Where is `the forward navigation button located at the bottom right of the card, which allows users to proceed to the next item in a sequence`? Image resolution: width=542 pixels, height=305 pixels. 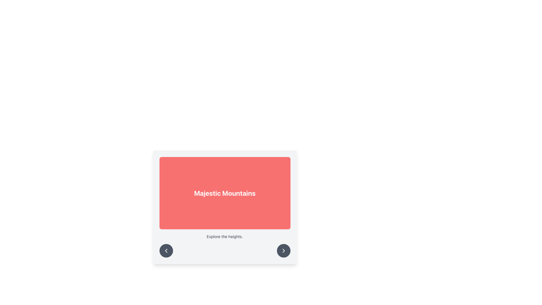 the forward navigation button located at the bottom right of the card, which allows users to proceed to the next item in a sequence is located at coordinates (283, 250).